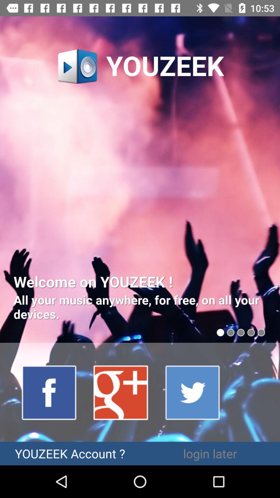  Describe the element at coordinates (49, 392) in the screenshot. I see `switch facebook` at that location.